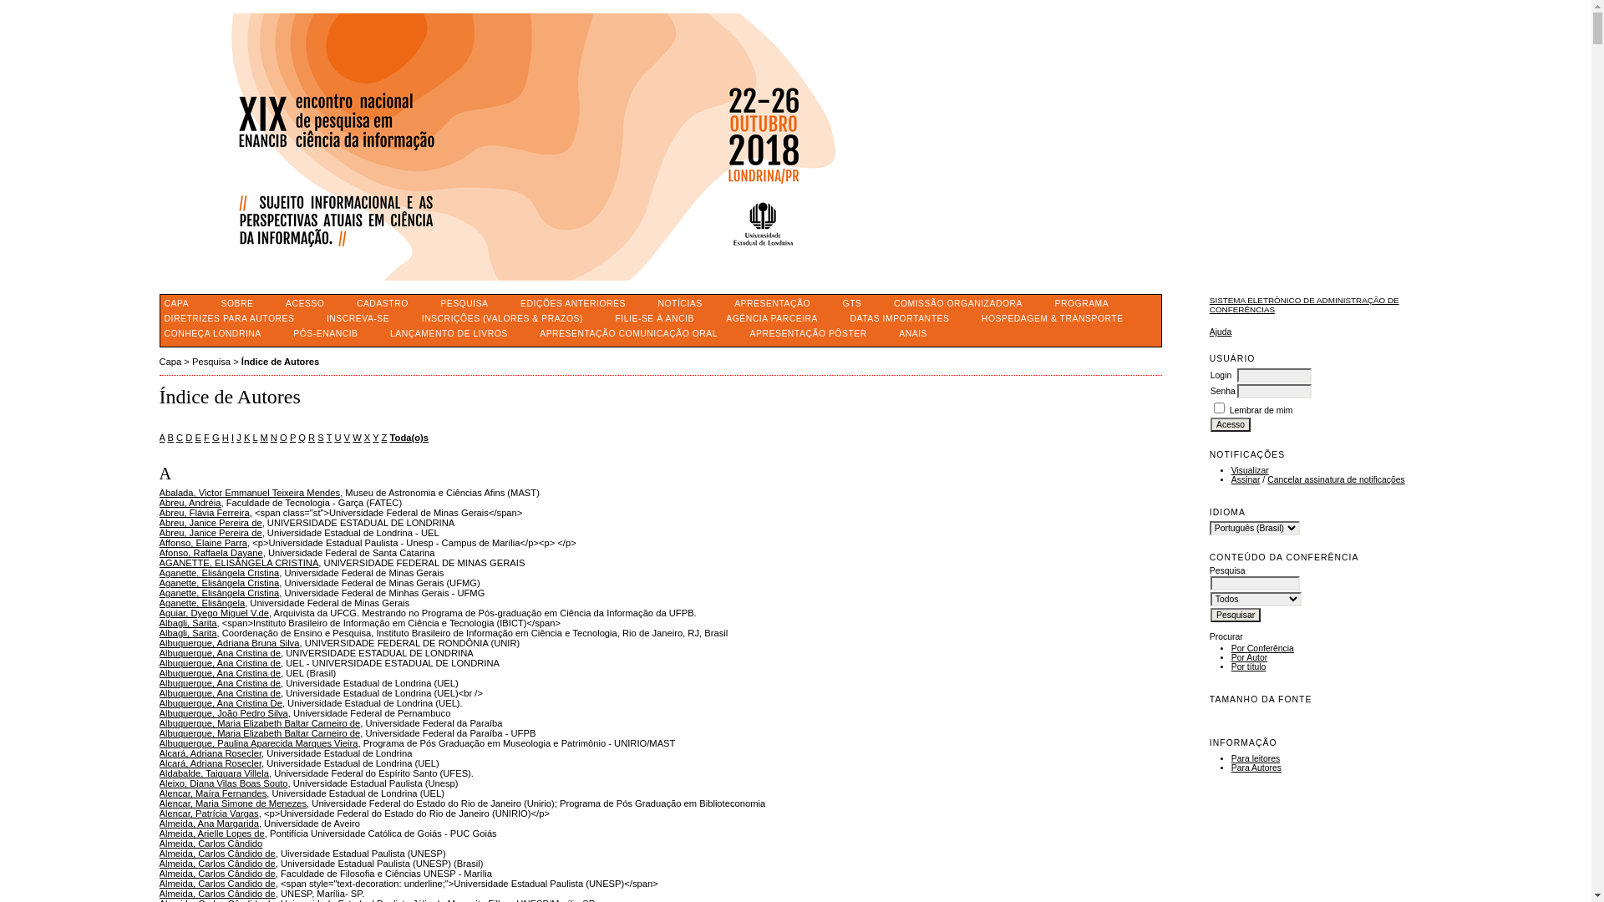  Describe the element at coordinates (236, 303) in the screenshot. I see `'SOBRE'` at that location.